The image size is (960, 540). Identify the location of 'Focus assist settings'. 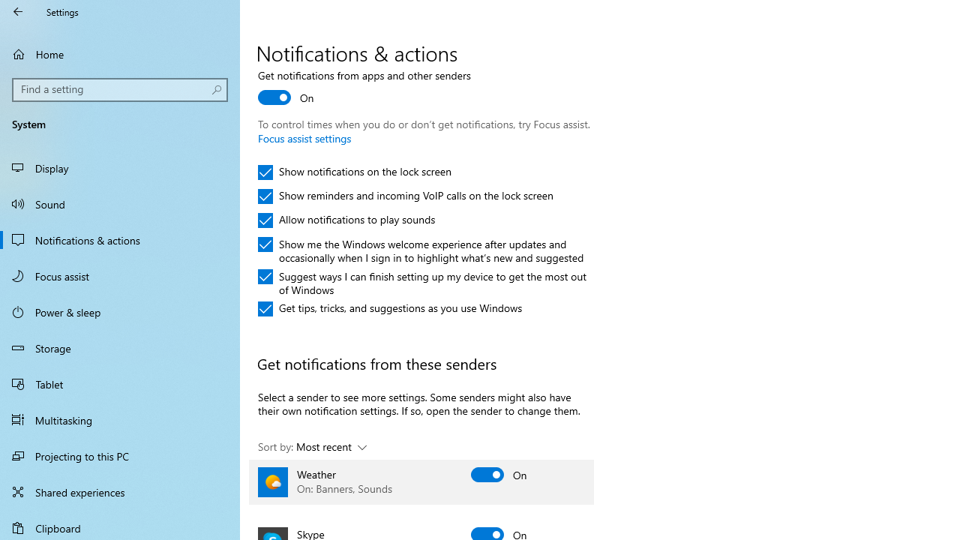
(304, 138).